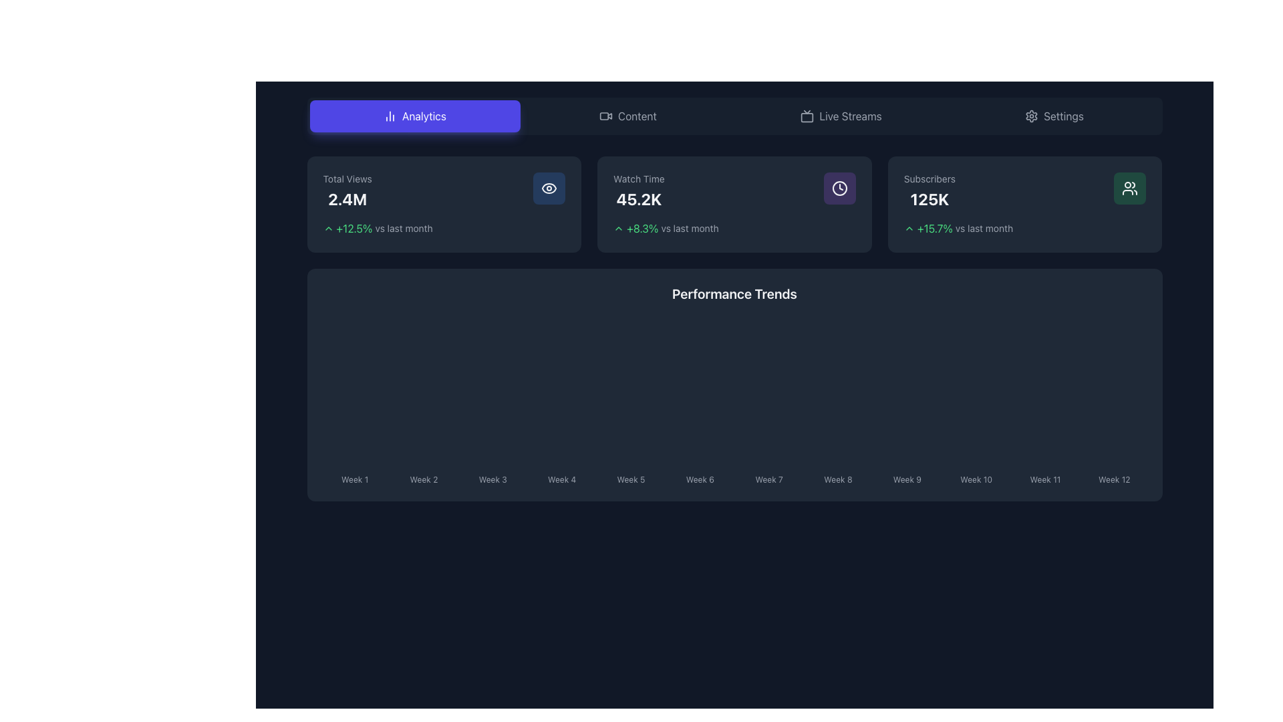 This screenshot has height=722, width=1283. What do you see at coordinates (929, 199) in the screenshot?
I see `the text label displaying '125K' in bold, large white font, located within the 'Subscribers' section in the upper-right corner of the interface` at bounding box center [929, 199].